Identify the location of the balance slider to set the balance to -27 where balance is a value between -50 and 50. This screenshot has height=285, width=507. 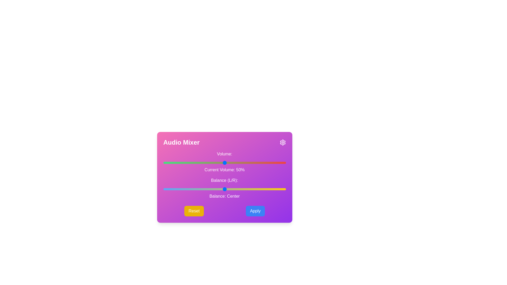
(191, 189).